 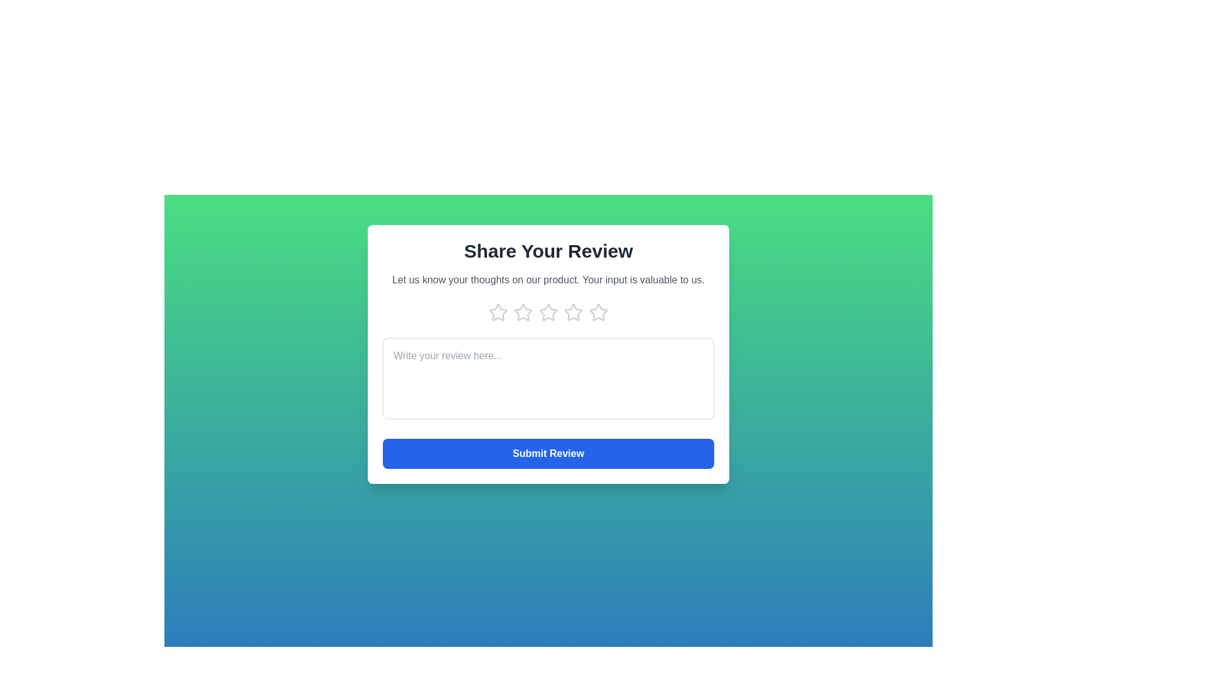 What do you see at coordinates (572, 312) in the screenshot?
I see `the product rating to 4 stars by clicking on the respective star` at bounding box center [572, 312].